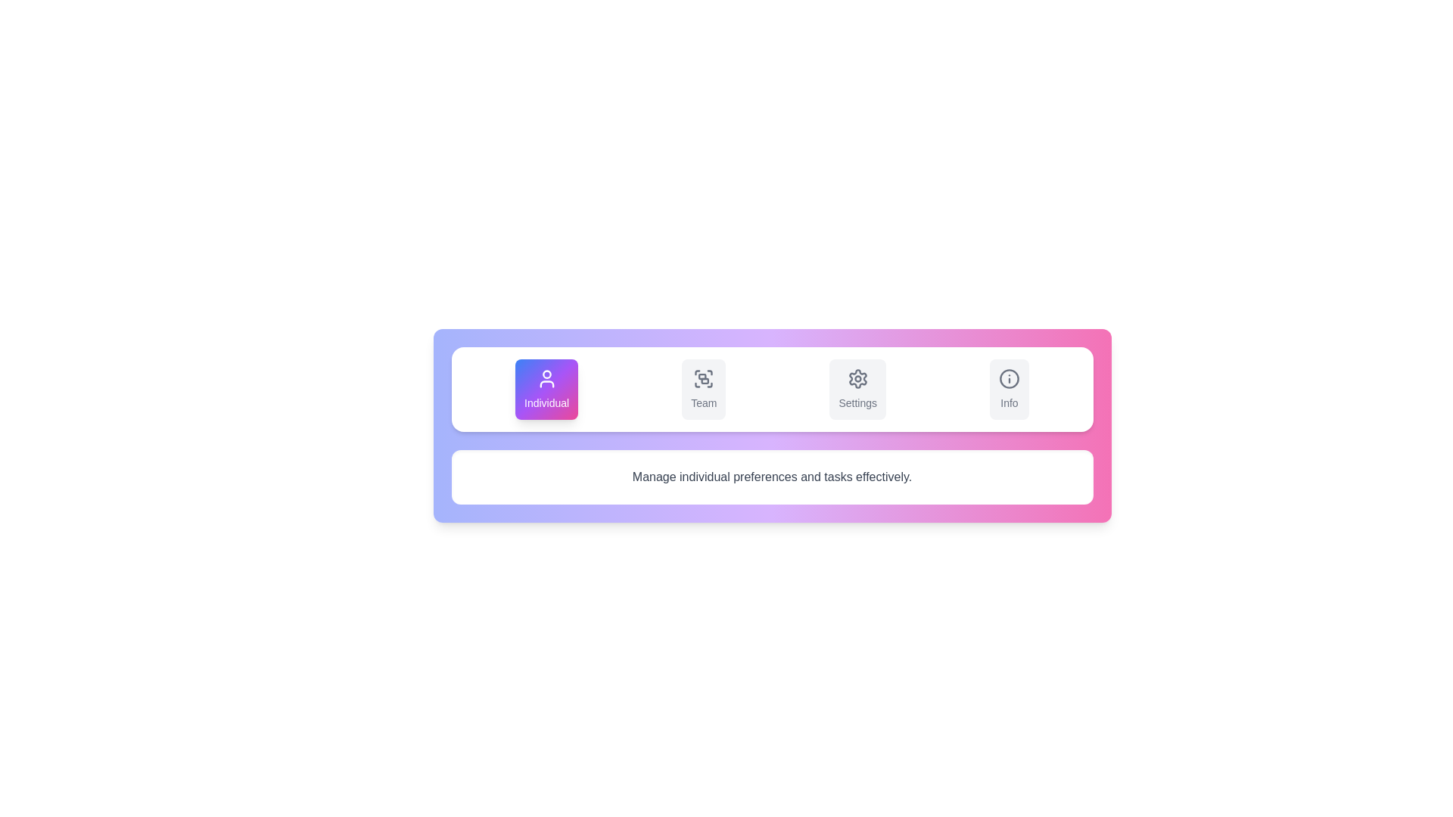 Image resolution: width=1453 pixels, height=817 pixels. Describe the element at coordinates (772, 477) in the screenshot. I see `the static text displaying 'Manage individual preferences and tasks effectively.' which is centrally positioned below the header buttons 'Individual', 'Team', 'Settings', and 'Info'` at that location.